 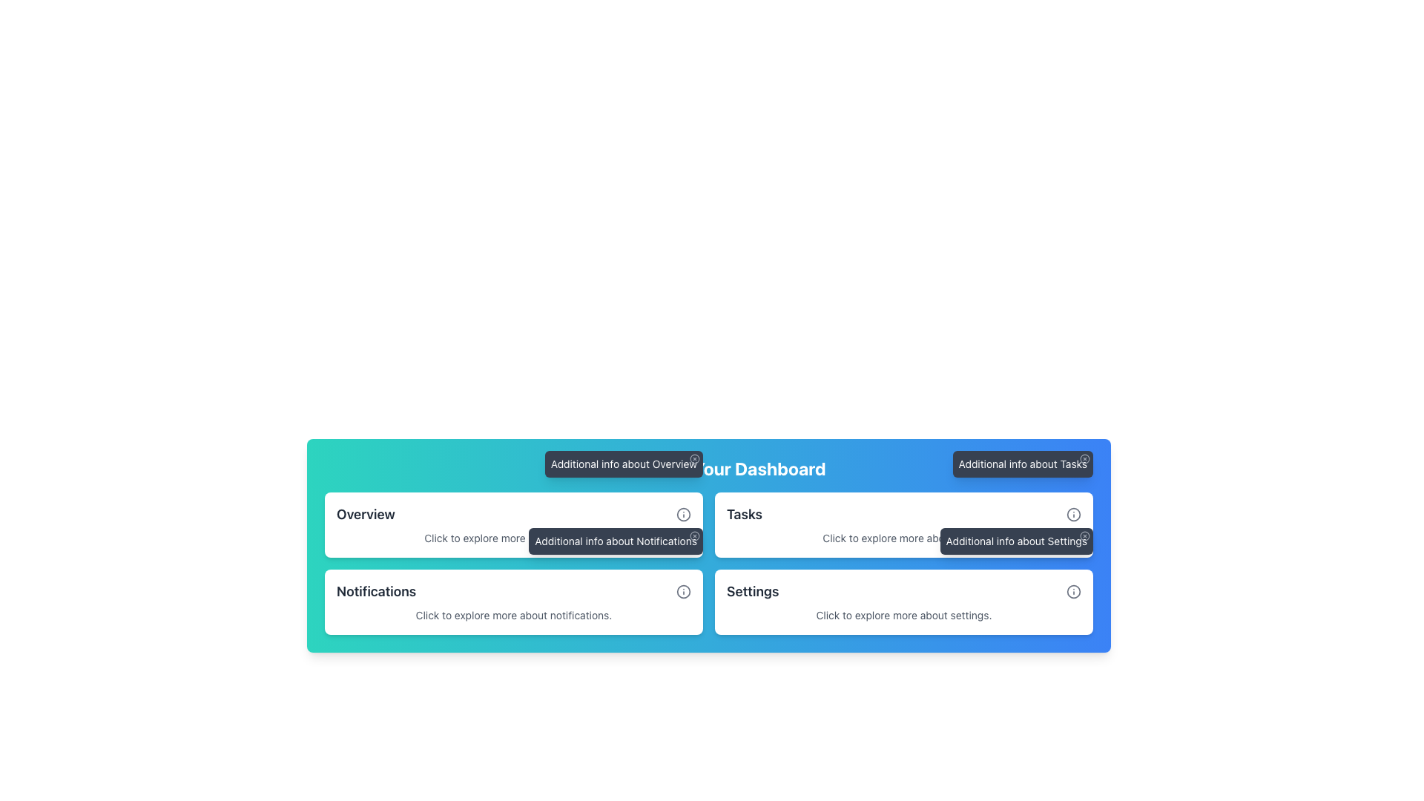 I want to click on additional information text from the dark gray tooltip with rounded corners containing the text 'Additional info about Tasks' and a close button at the top-right corner, so click(x=1022, y=463).